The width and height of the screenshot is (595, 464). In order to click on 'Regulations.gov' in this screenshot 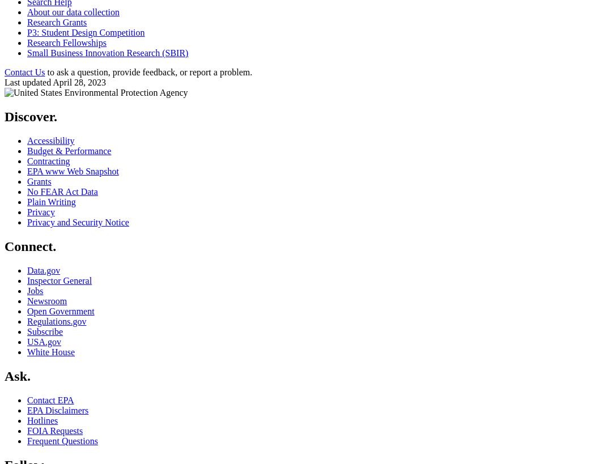, I will do `click(26, 321)`.